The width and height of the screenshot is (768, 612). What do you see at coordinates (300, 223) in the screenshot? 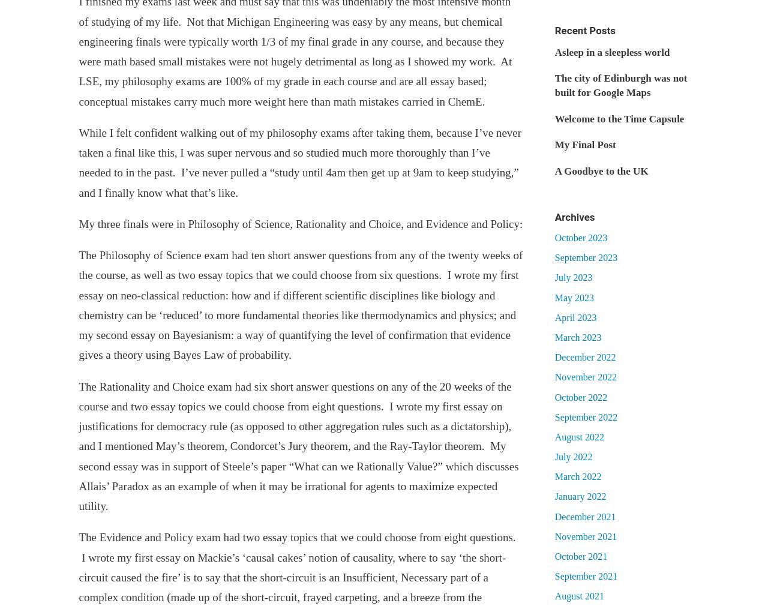
I see `'My three finals were in Philosophy of Science, Rationality and Choice, and Evidence and Policy:'` at bounding box center [300, 223].